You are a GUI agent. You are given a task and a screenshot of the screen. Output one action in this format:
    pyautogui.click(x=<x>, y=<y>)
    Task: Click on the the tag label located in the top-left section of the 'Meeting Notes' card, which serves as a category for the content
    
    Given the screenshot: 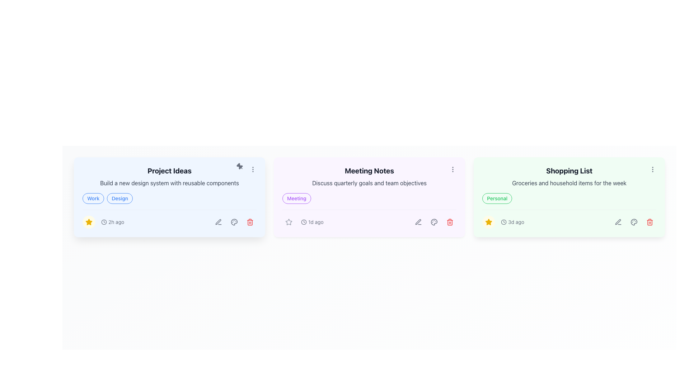 What is the action you would take?
    pyautogui.click(x=296, y=199)
    